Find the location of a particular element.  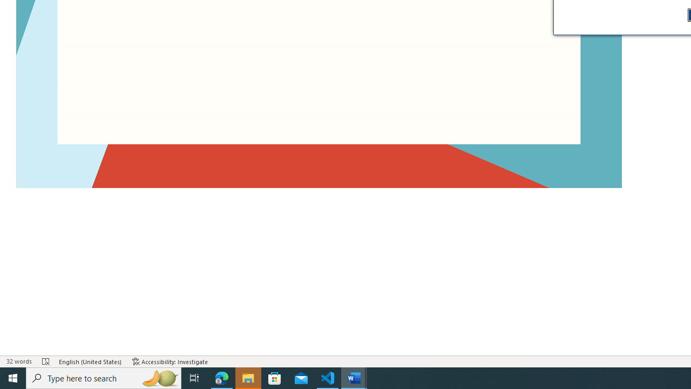

'Word Count 32 words' is located at coordinates (19, 361).